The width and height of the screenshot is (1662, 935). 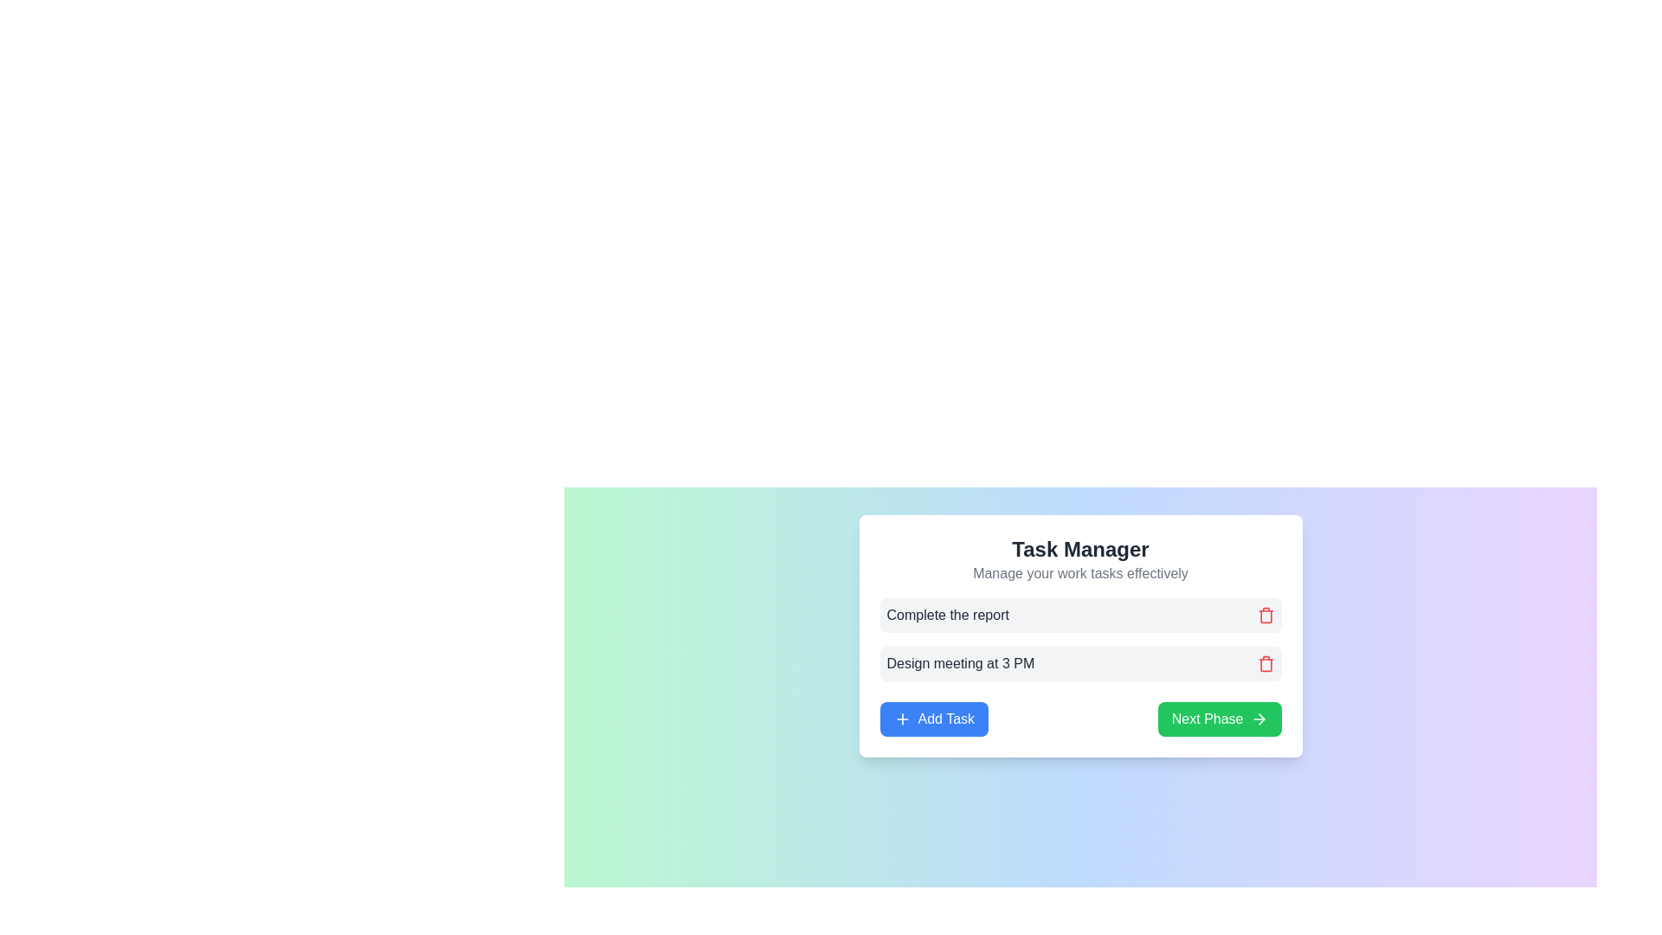 What do you see at coordinates (1266, 616) in the screenshot?
I see `the trash can icon used for delete actions, which is located inside the second task entry box on the right side, adjacent to the task description text` at bounding box center [1266, 616].